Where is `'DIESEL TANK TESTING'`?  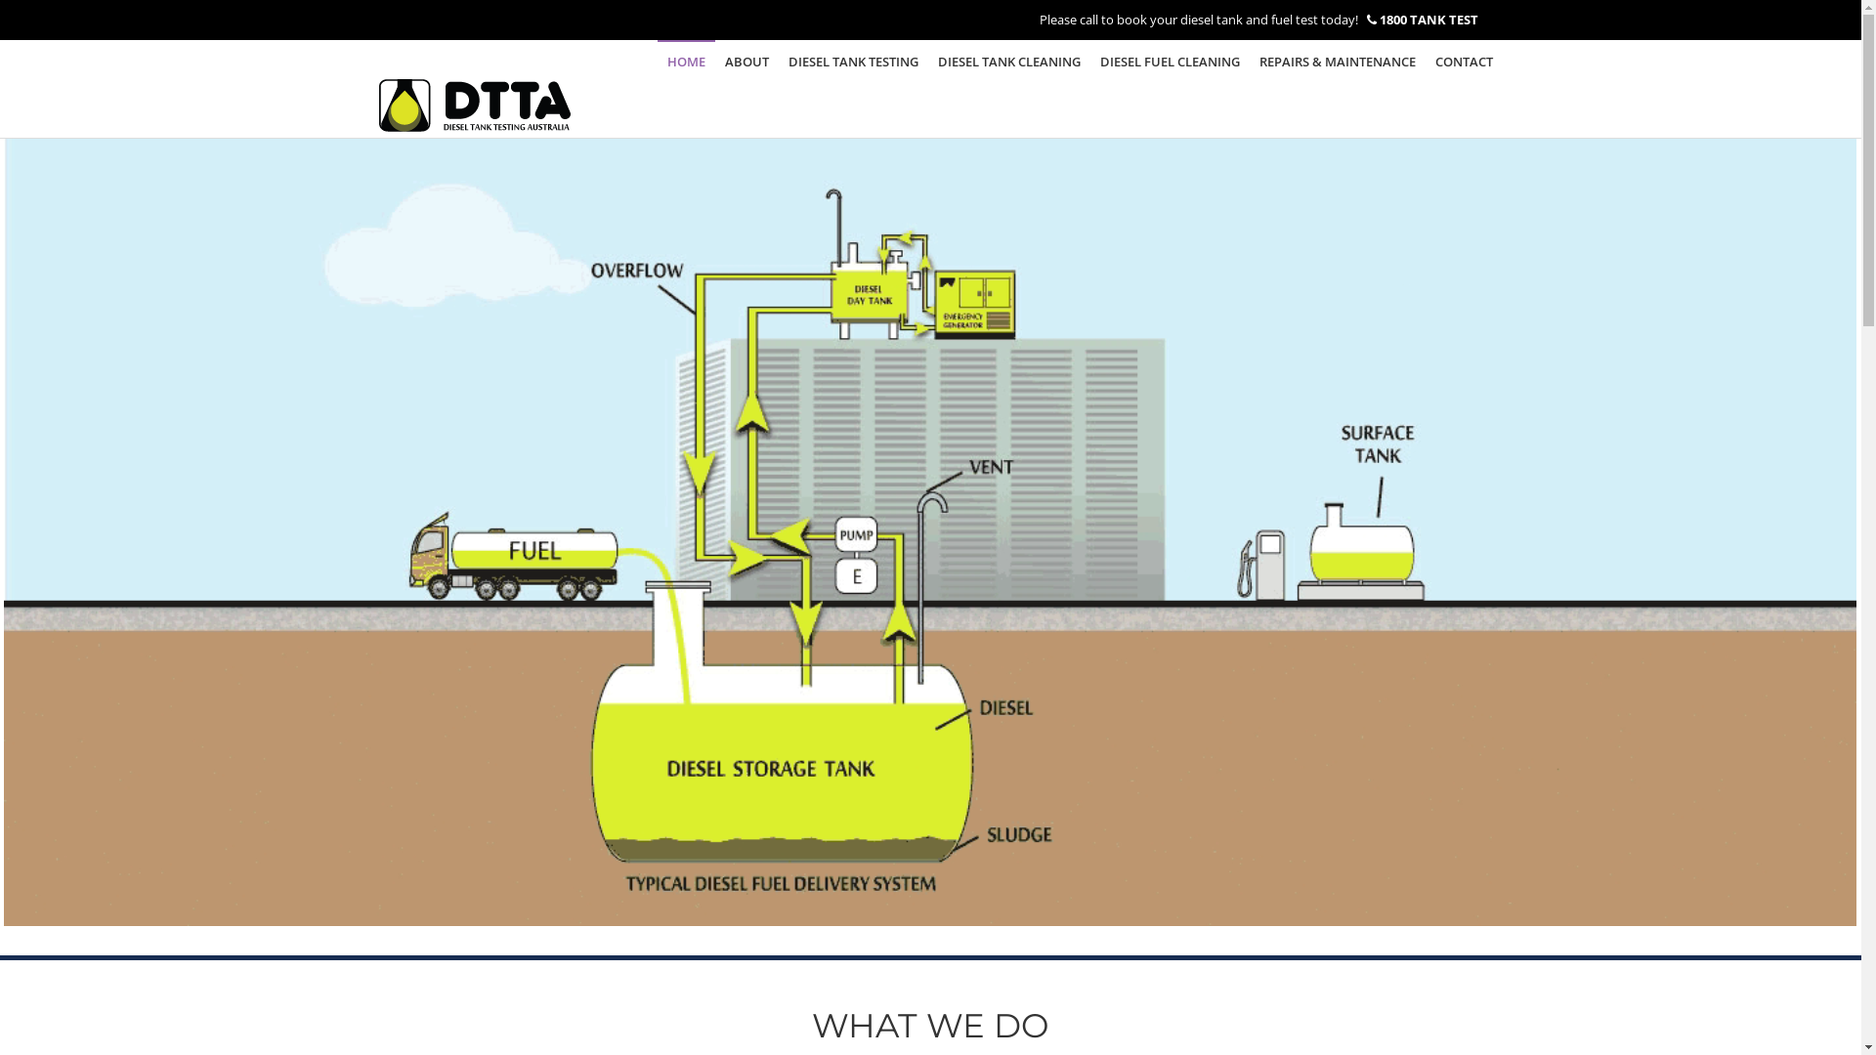 'DIESEL TANK TESTING' is located at coordinates (777, 60).